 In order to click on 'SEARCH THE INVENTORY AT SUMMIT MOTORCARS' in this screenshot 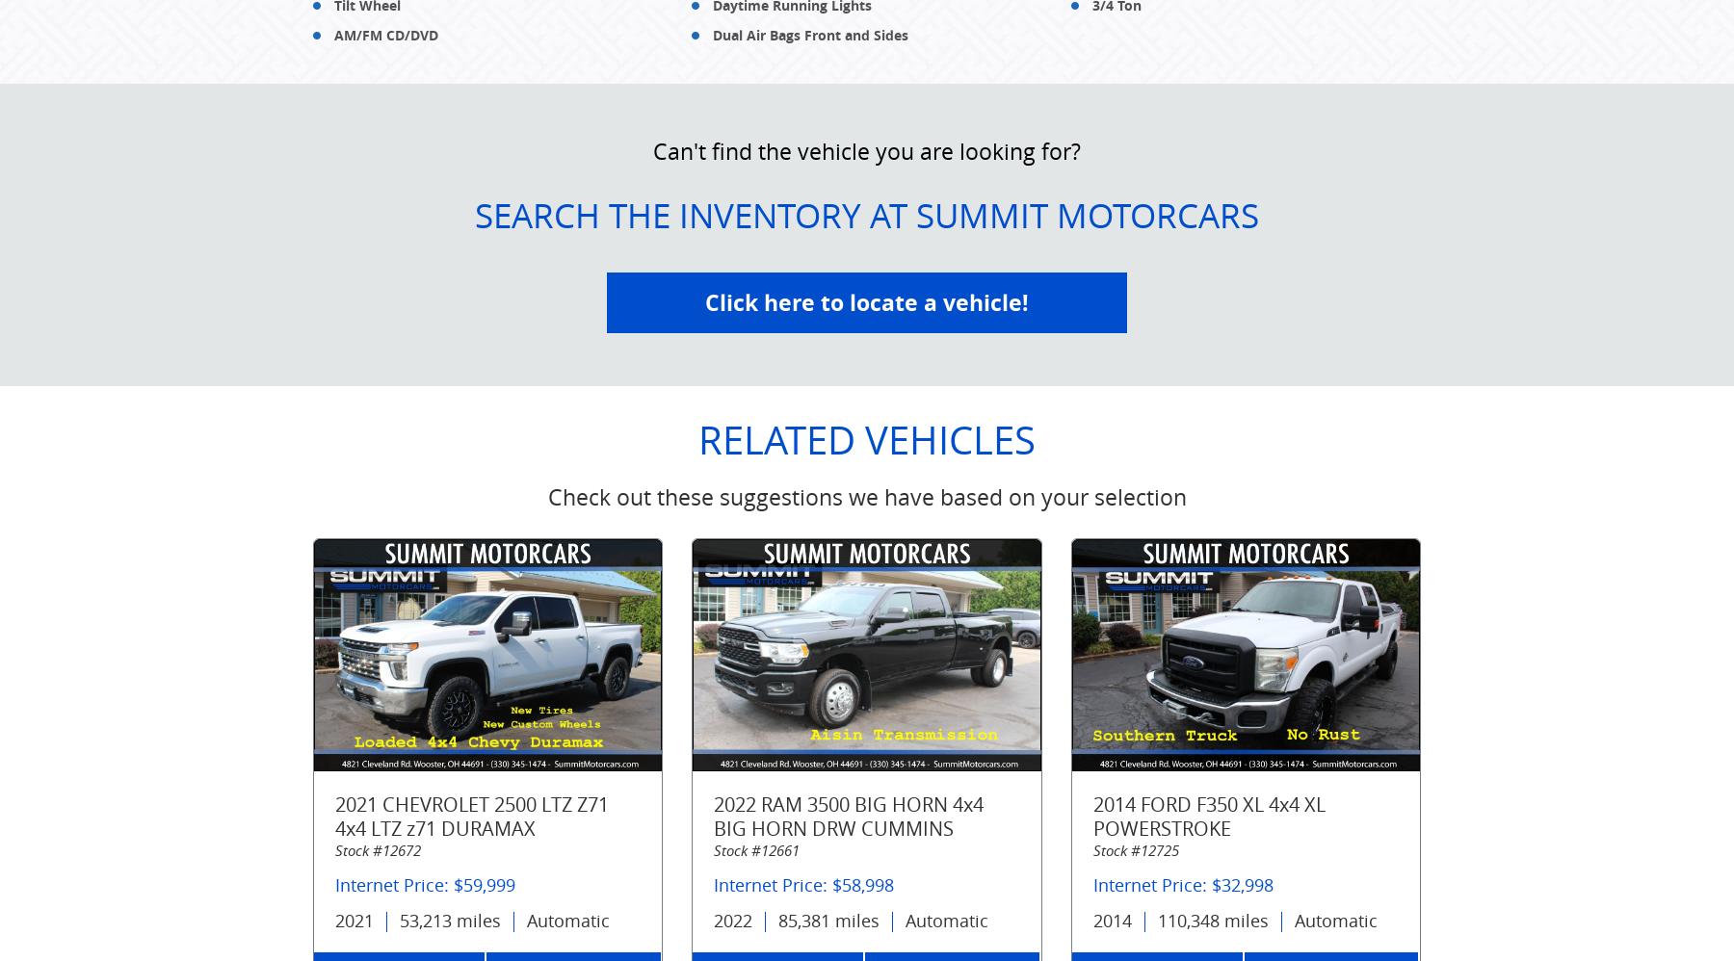, I will do `click(867, 214)`.